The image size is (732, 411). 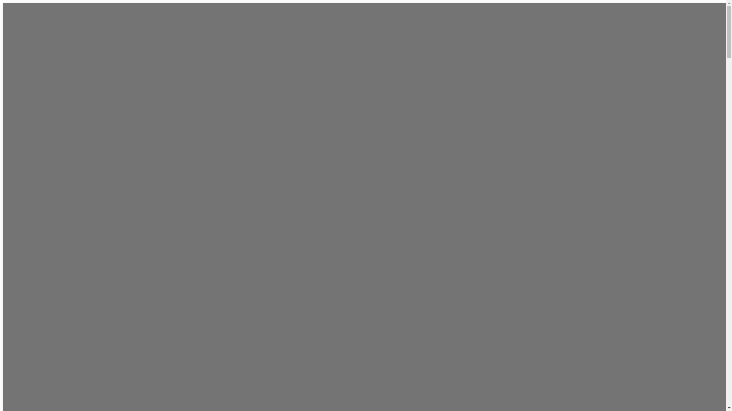 I want to click on 'Local Government Law', so click(x=348, y=111).